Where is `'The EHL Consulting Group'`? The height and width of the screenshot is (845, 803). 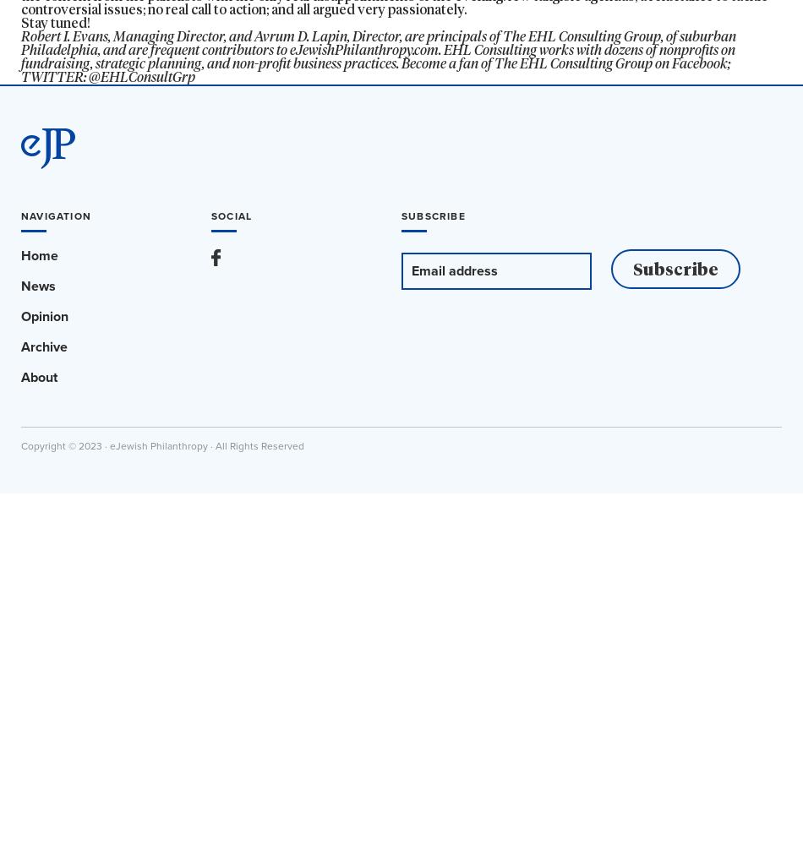 'The EHL Consulting Group' is located at coordinates (582, 36).